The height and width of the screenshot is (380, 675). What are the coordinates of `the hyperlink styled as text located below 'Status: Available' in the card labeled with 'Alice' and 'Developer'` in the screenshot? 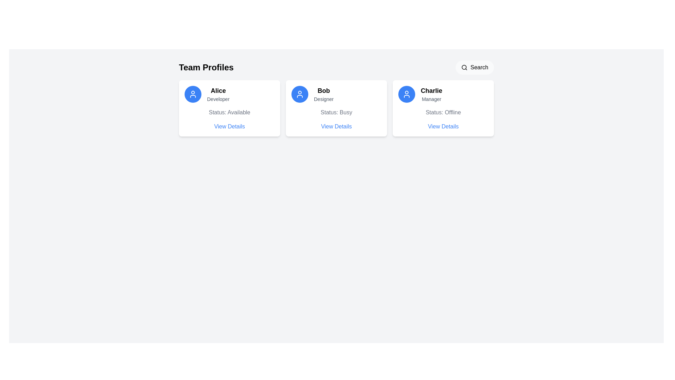 It's located at (229, 126).